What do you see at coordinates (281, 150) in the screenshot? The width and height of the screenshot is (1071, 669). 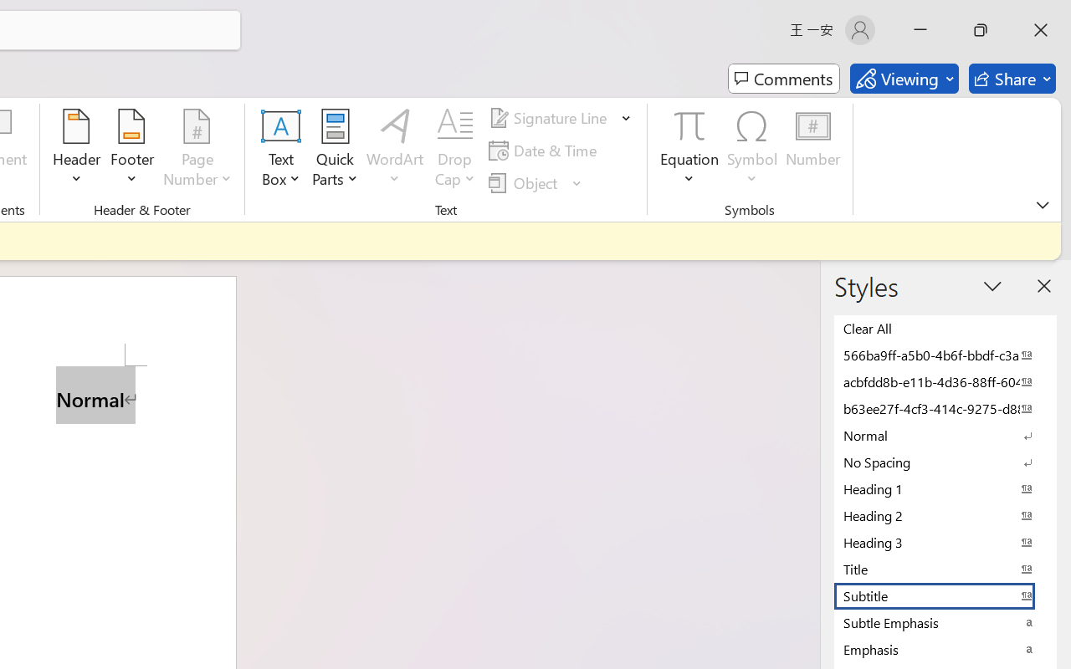 I see `'Text Box'` at bounding box center [281, 150].